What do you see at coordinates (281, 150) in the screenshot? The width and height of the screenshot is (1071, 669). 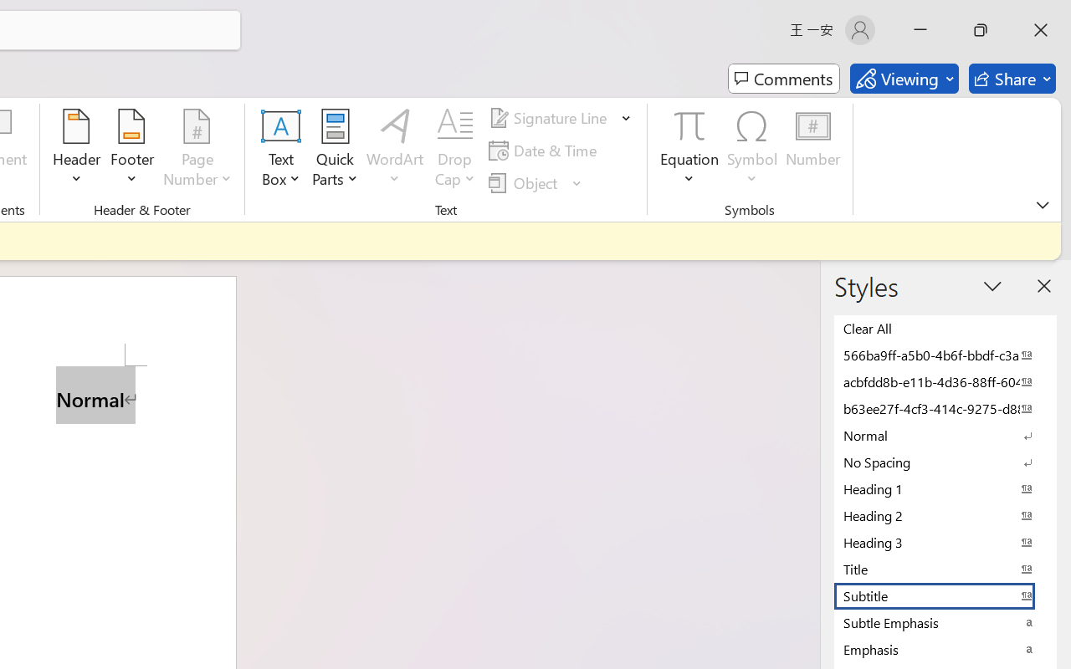 I see `'Text Box'` at bounding box center [281, 150].